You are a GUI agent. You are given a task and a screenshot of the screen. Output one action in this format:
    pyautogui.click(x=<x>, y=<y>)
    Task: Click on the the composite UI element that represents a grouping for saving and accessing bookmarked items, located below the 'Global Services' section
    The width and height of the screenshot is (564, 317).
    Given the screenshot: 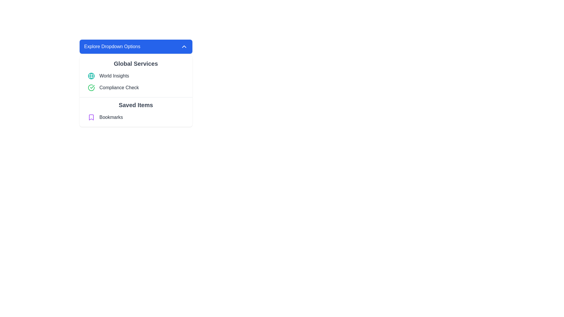 What is the action you would take?
    pyautogui.click(x=135, y=112)
    